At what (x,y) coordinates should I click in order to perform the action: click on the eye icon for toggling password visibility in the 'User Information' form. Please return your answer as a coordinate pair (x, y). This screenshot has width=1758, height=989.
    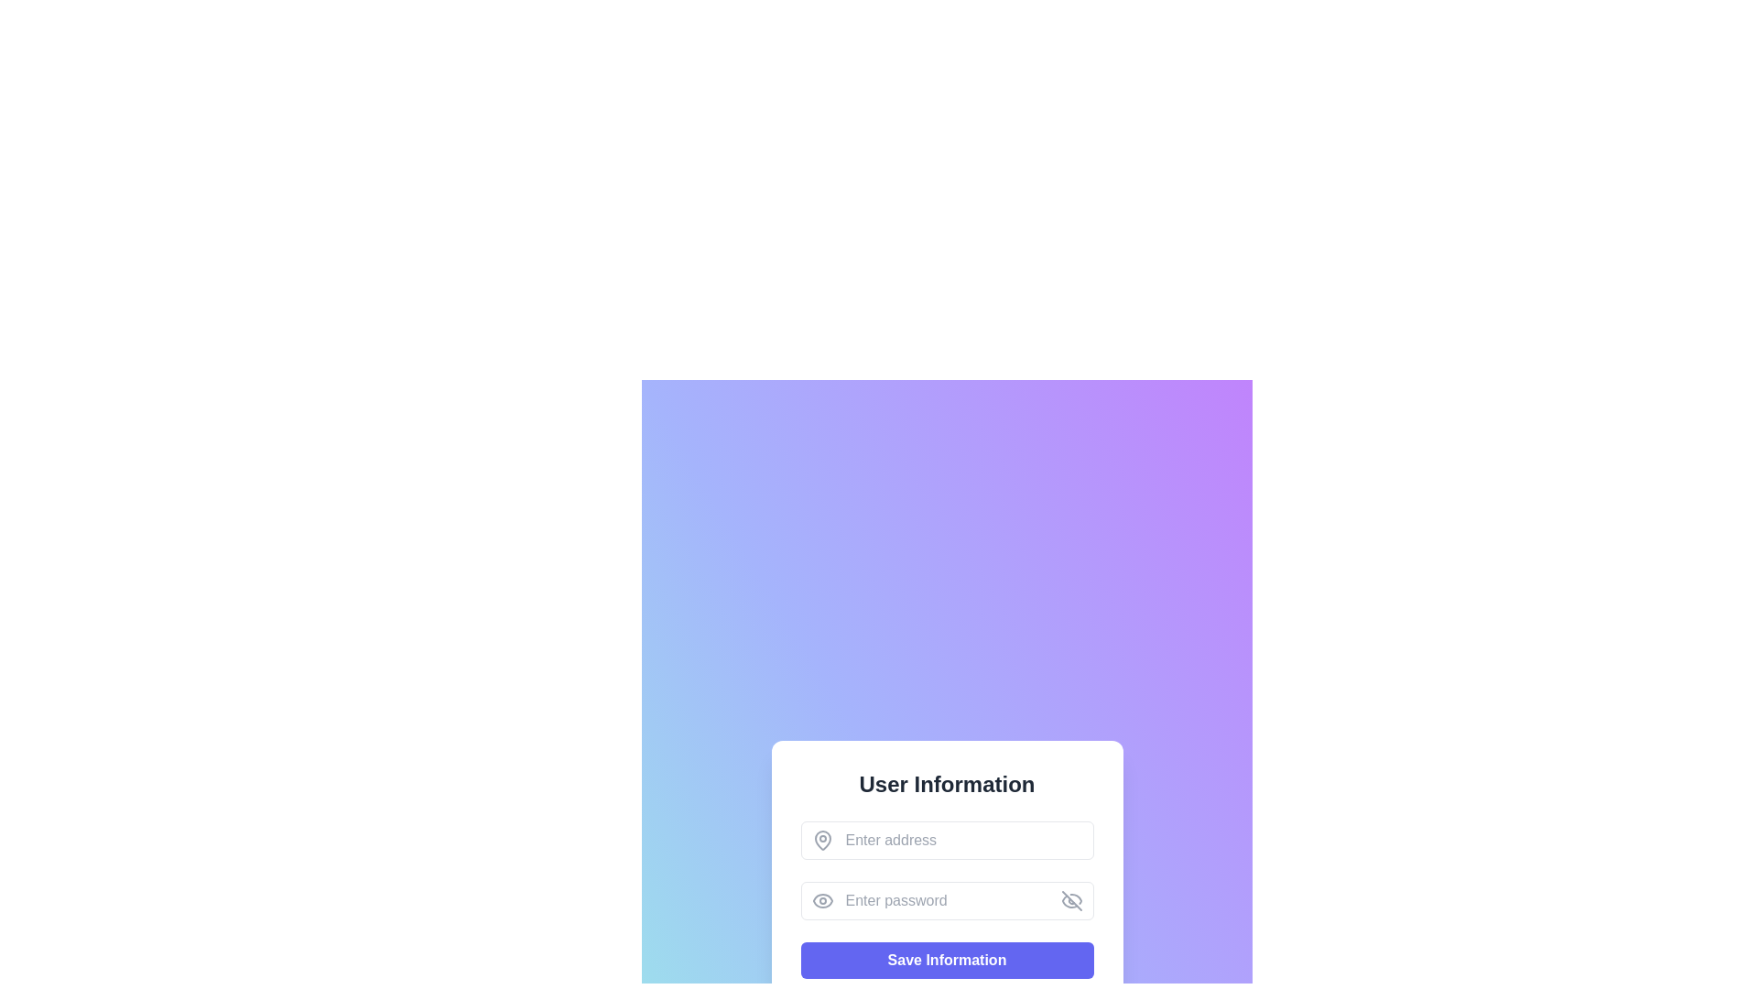
    Looking at the image, I should click on (821, 899).